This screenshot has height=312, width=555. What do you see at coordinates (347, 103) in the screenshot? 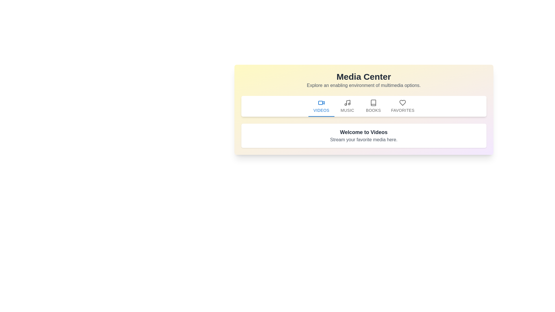
I see `the music note icon located in the 'Music' tab by clicking on it` at bounding box center [347, 103].